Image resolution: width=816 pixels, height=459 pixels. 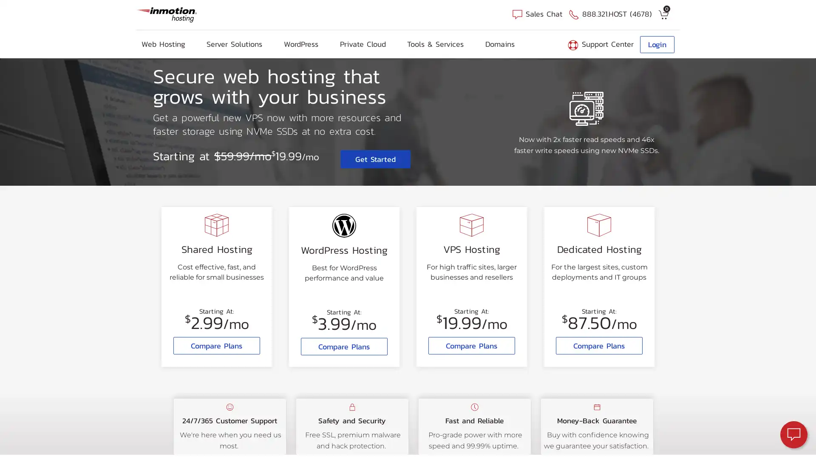 What do you see at coordinates (471, 346) in the screenshot?
I see `Compare Plans` at bounding box center [471, 346].